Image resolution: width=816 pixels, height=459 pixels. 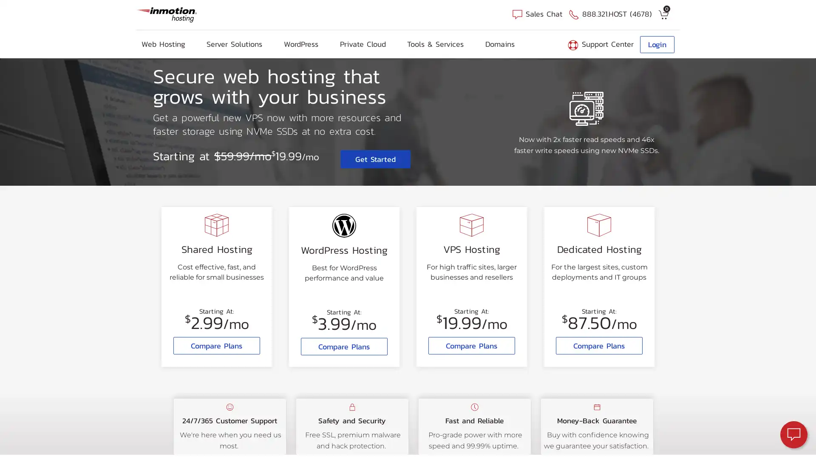 What do you see at coordinates (471, 346) in the screenshot?
I see `Compare Plans` at bounding box center [471, 346].